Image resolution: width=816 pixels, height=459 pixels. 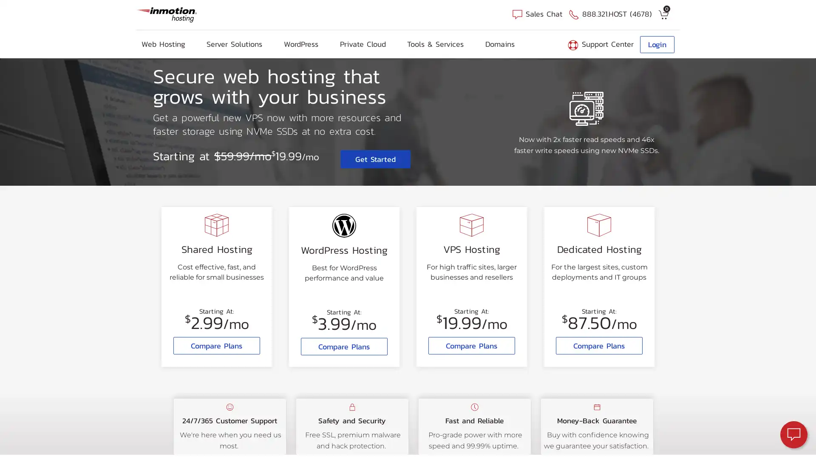 What do you see at coordinates (471, 346) in the screenshot?
I see `Compare Plans` at bounding box center [471, 346].